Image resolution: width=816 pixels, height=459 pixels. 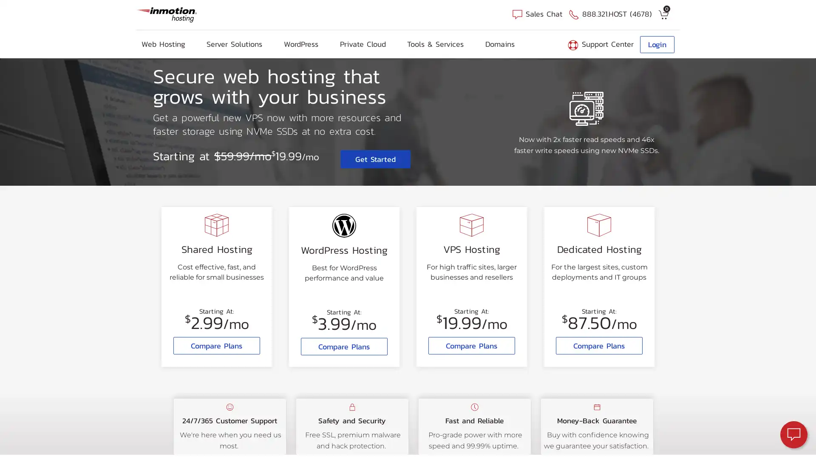 What do you see at coordinates (471, 346) in the screenshot?
I see `Compare Plans` at bounding box center [471, 346].